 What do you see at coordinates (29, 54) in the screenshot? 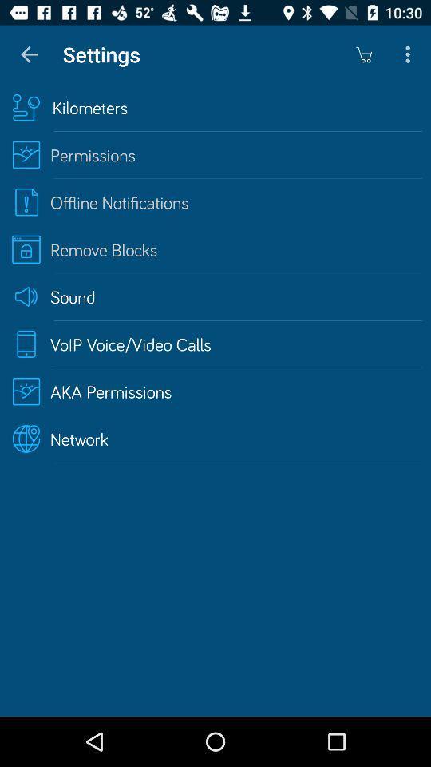
I see `the icon to the left of the settings item` at bounding box center [29, 54].